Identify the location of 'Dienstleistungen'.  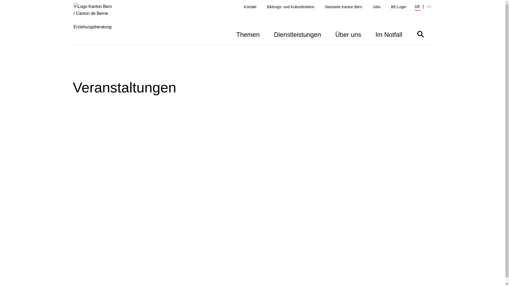
(297, 34).